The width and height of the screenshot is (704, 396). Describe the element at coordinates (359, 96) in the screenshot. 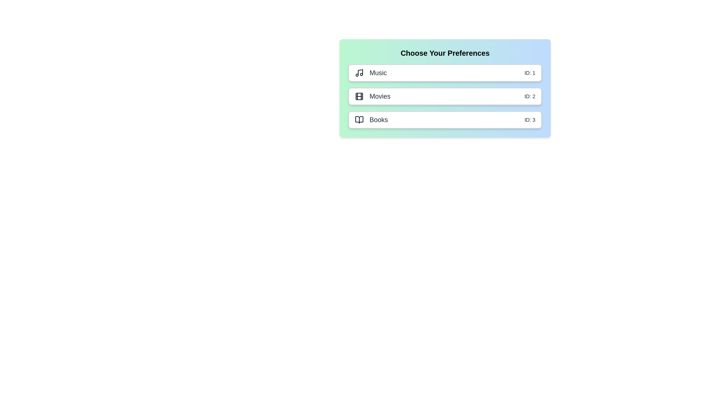

I see `the icon of the selected item (Movies)` at that location.